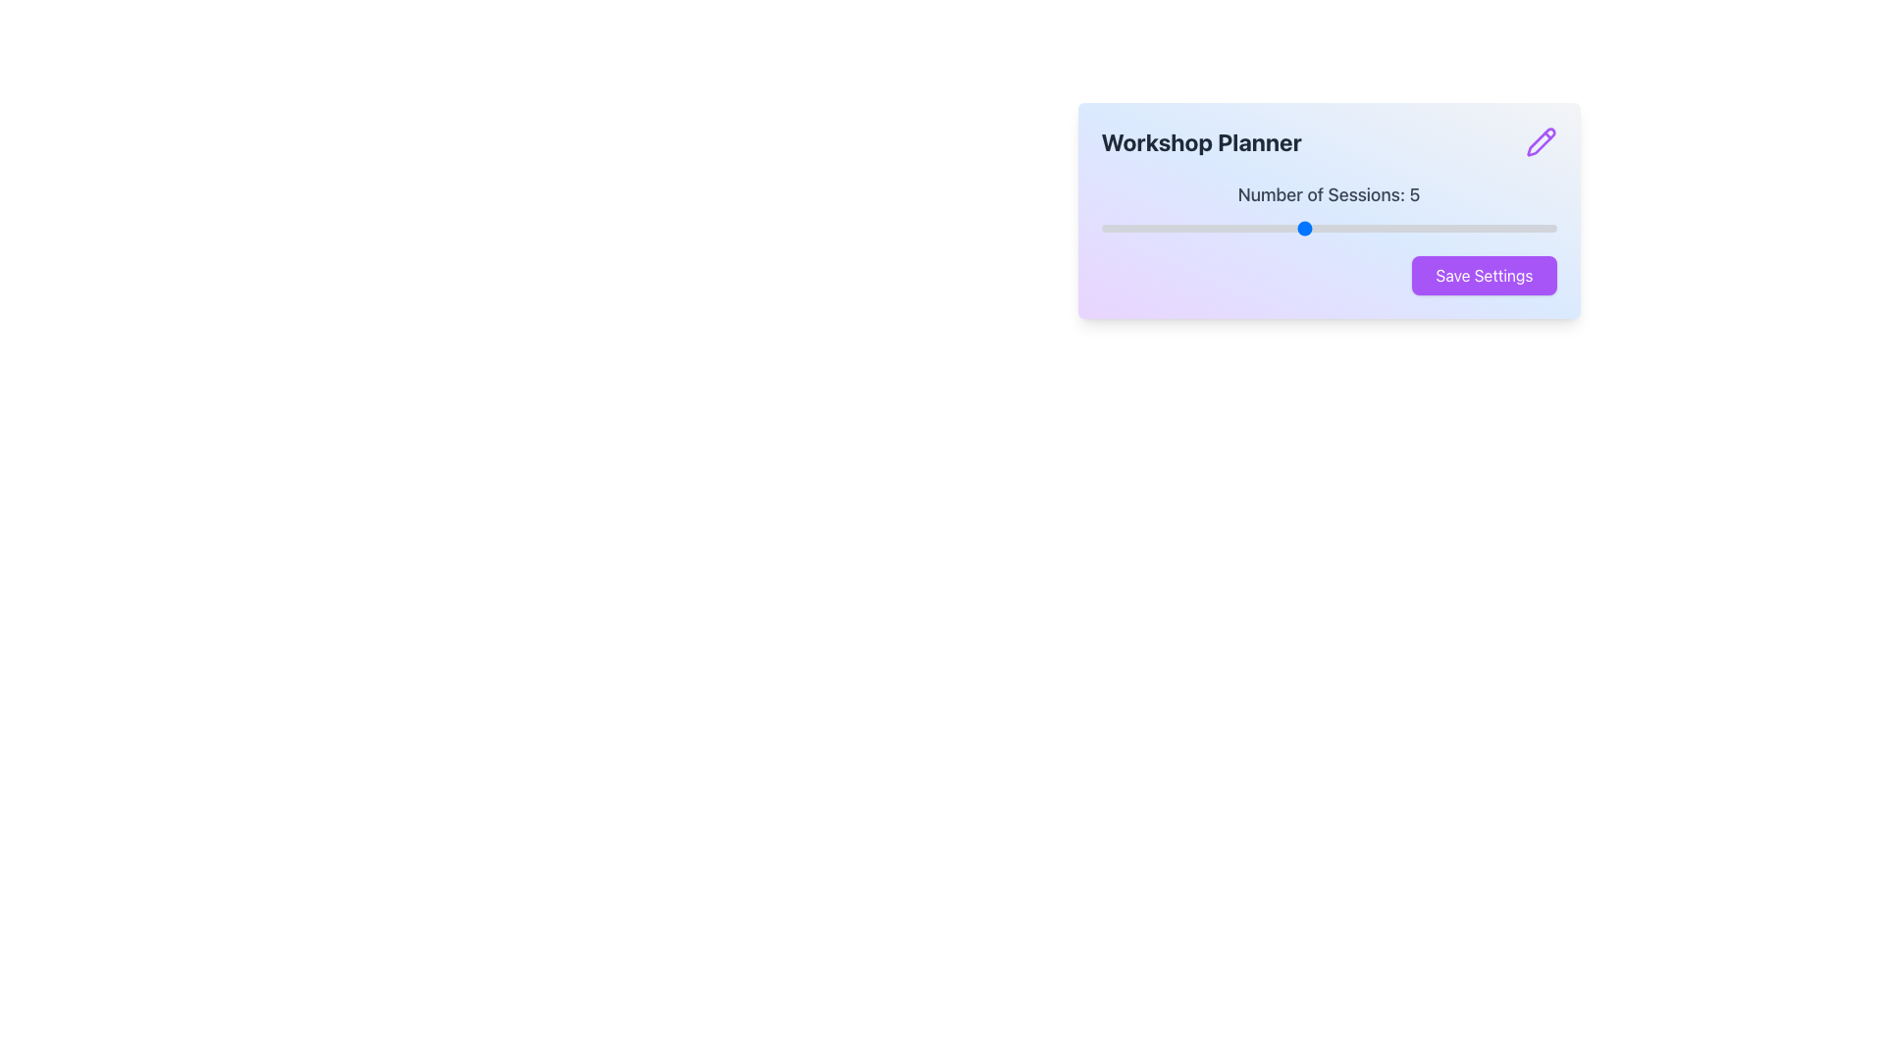 Image resolution: width=1884 pixels, height=1060 pixels. What do you see at coordinates (1329, 211) in the screenshot?
I see `the interactive components of the settings panel` at bounding box center [1329, 211].